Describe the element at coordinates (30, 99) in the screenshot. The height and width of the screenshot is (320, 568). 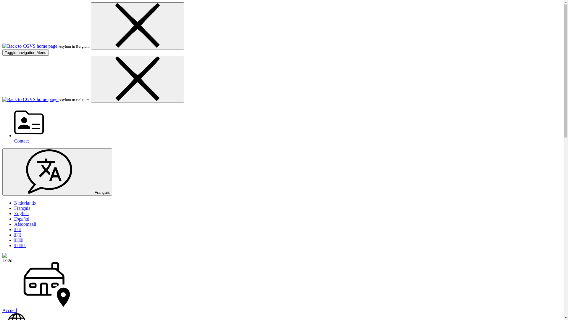
I see `'Back to the home page'` at that location.